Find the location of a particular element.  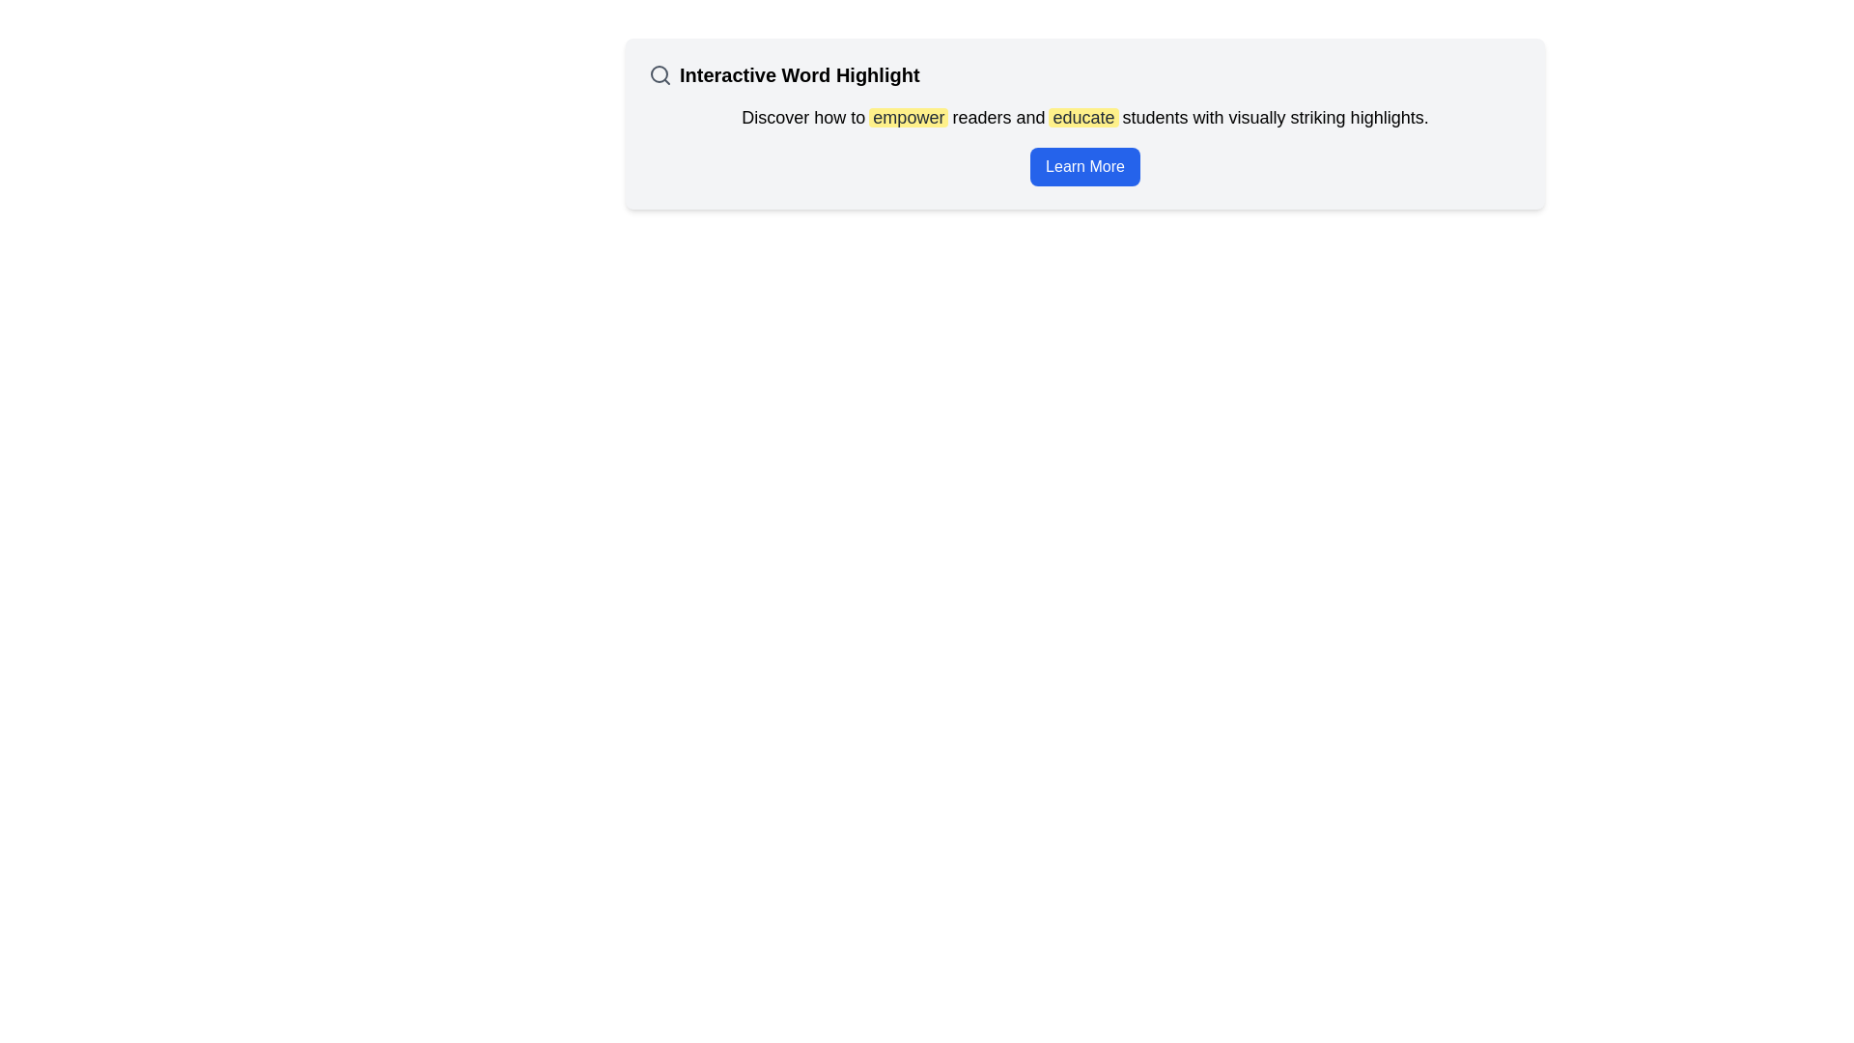

highlighted word 'empower' that emphasizes key terms in the text under the heading 'Interactive Word Highlight' is located at coordinates (908, 118).